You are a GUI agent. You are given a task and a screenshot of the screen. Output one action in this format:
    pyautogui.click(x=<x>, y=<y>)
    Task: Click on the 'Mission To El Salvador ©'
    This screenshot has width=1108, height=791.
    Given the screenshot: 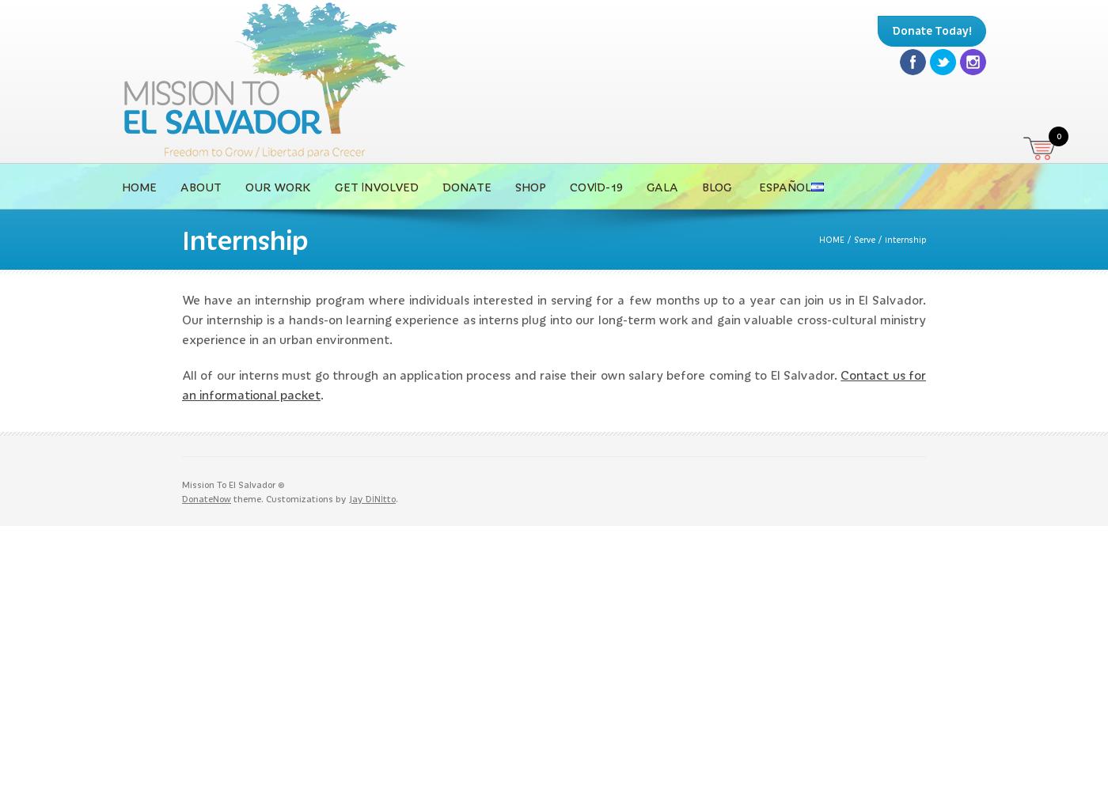 What is the action you would take?
    pyautogui.click(x=233, y=483)
    